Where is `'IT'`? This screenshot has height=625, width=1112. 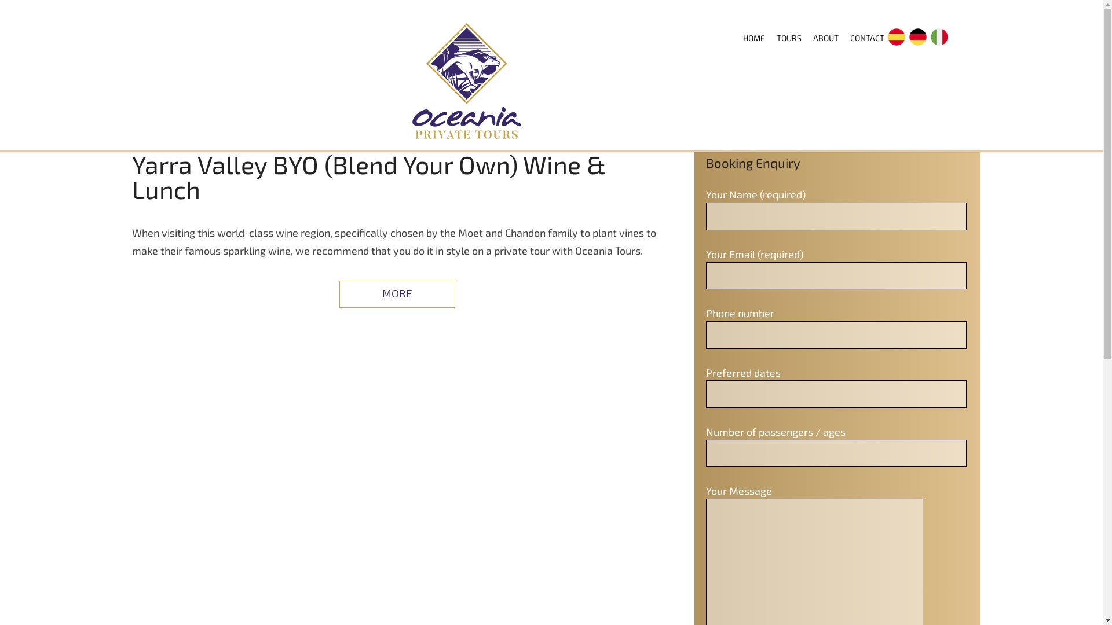
'IT' is located at coordinates (939, 48).